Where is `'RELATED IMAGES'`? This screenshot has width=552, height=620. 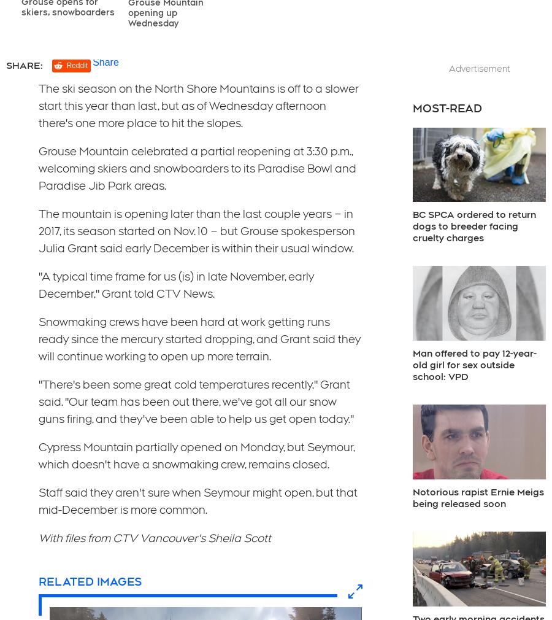
'RELATED IMAGES' is located at coordinates (89, 581).